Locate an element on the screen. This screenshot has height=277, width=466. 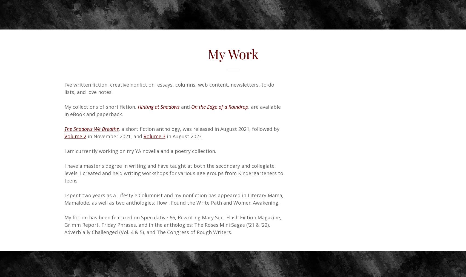
'I am currently working on my YA novella and a poetry collection.' is located at coordinates (141, 151).